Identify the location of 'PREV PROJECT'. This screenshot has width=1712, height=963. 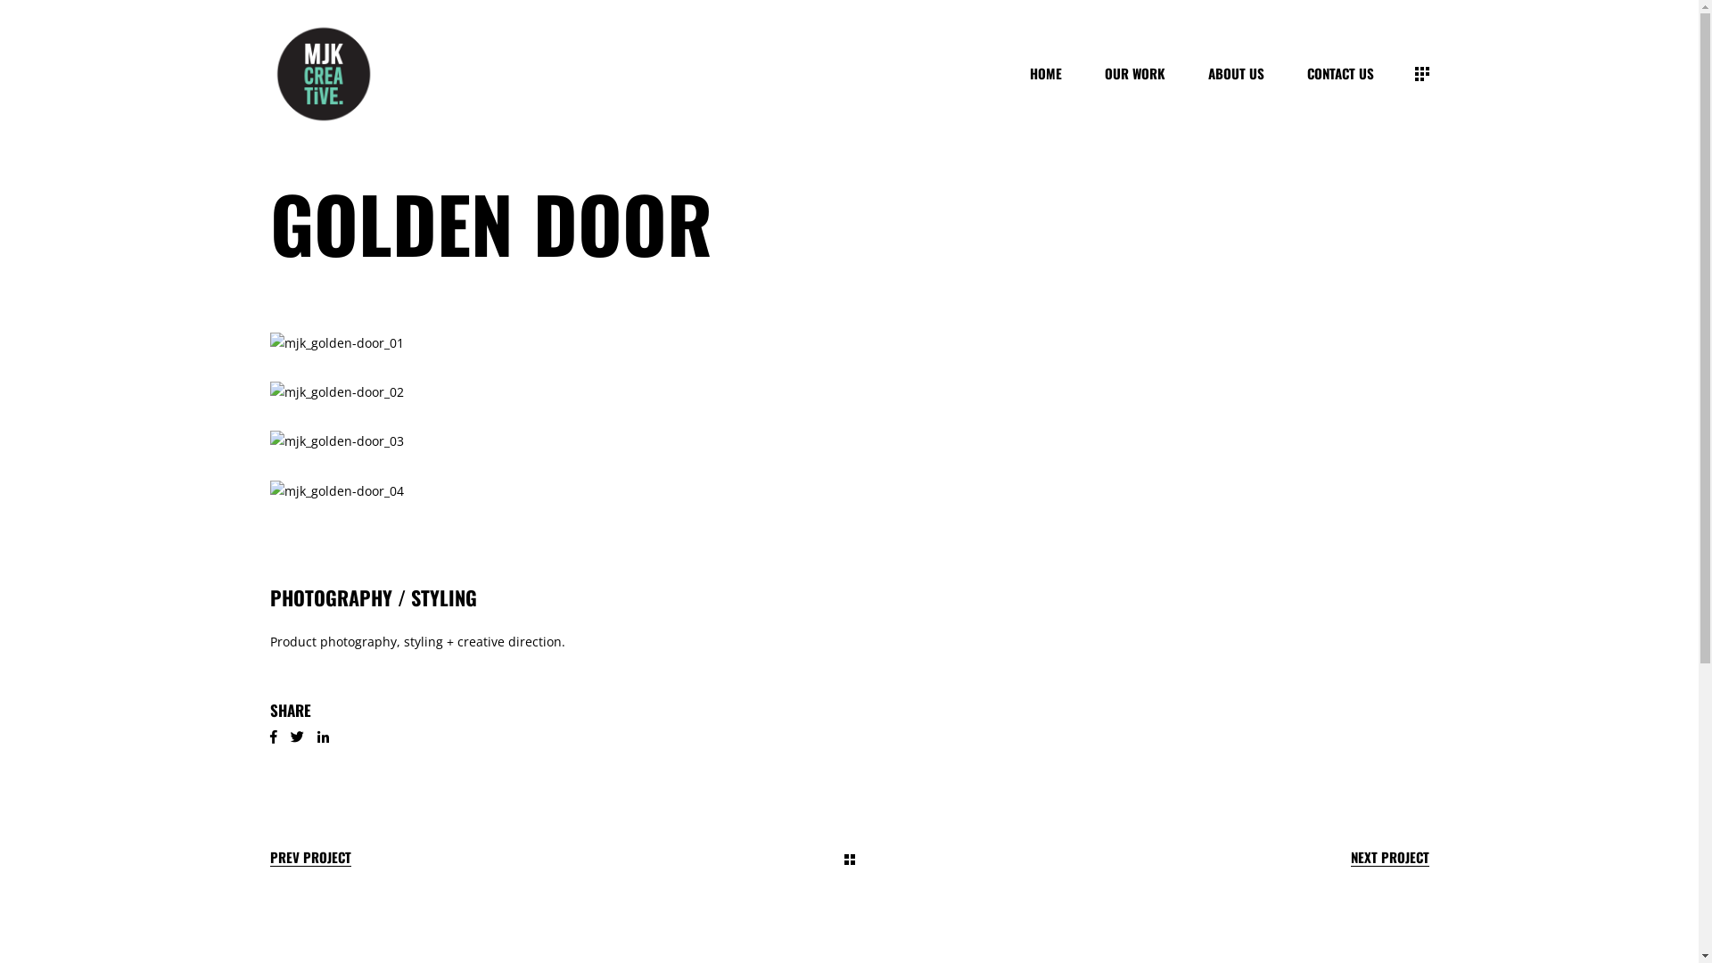
(309, 856).